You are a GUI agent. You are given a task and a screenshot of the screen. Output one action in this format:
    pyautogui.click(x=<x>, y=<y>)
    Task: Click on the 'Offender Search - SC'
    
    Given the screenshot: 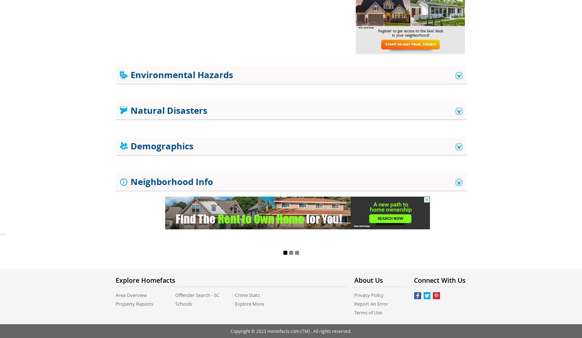 What is the action you would take?
    pyautogui.click(x=197, y=294)
    